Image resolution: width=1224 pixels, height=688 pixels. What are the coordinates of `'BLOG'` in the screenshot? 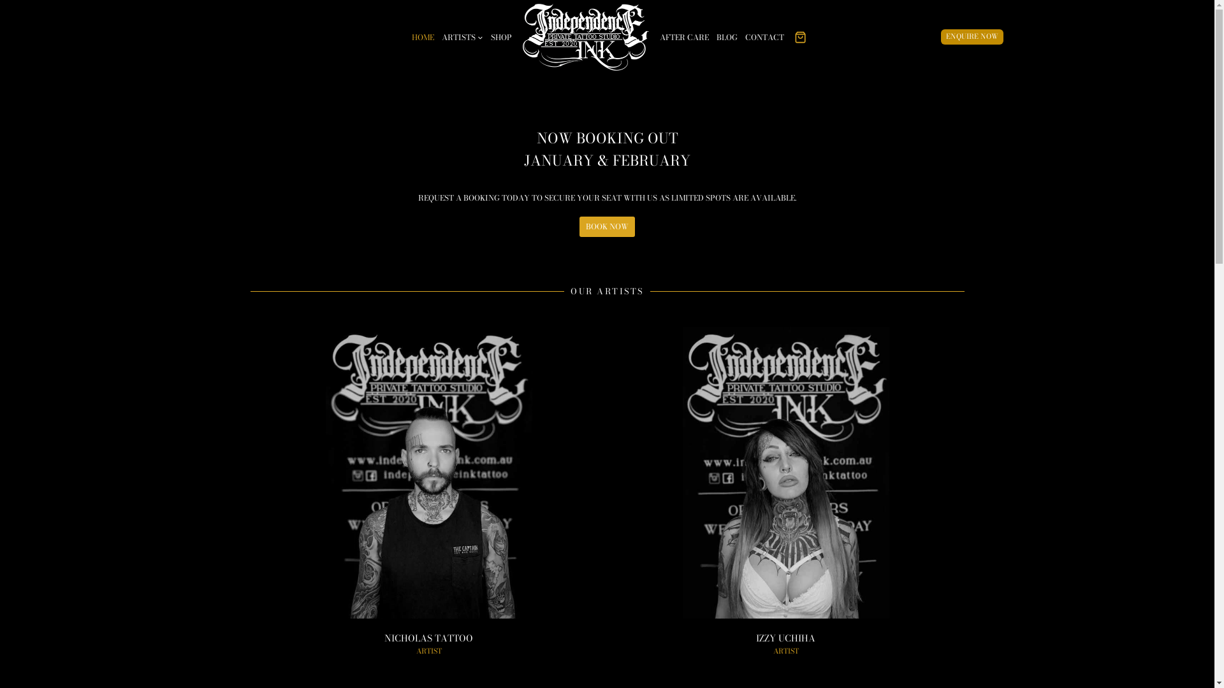 It's located at (727, 36).